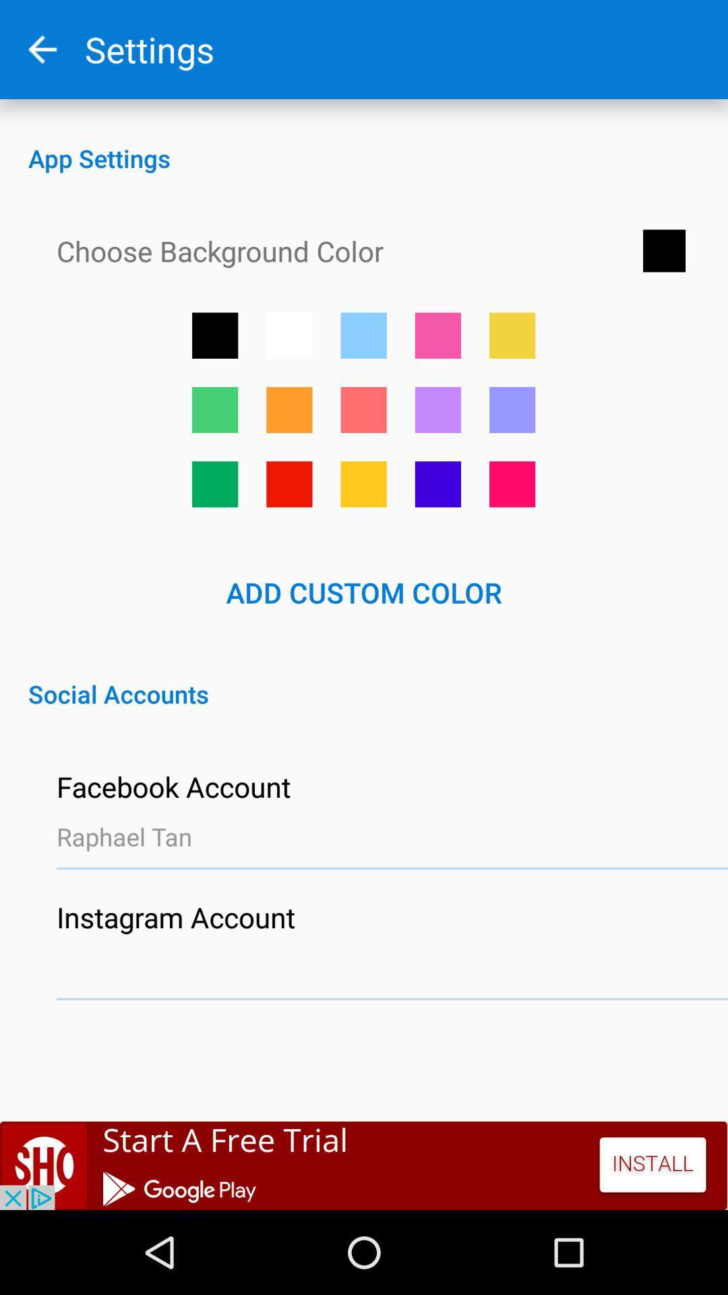  I want to click on black, so click(214, 335).